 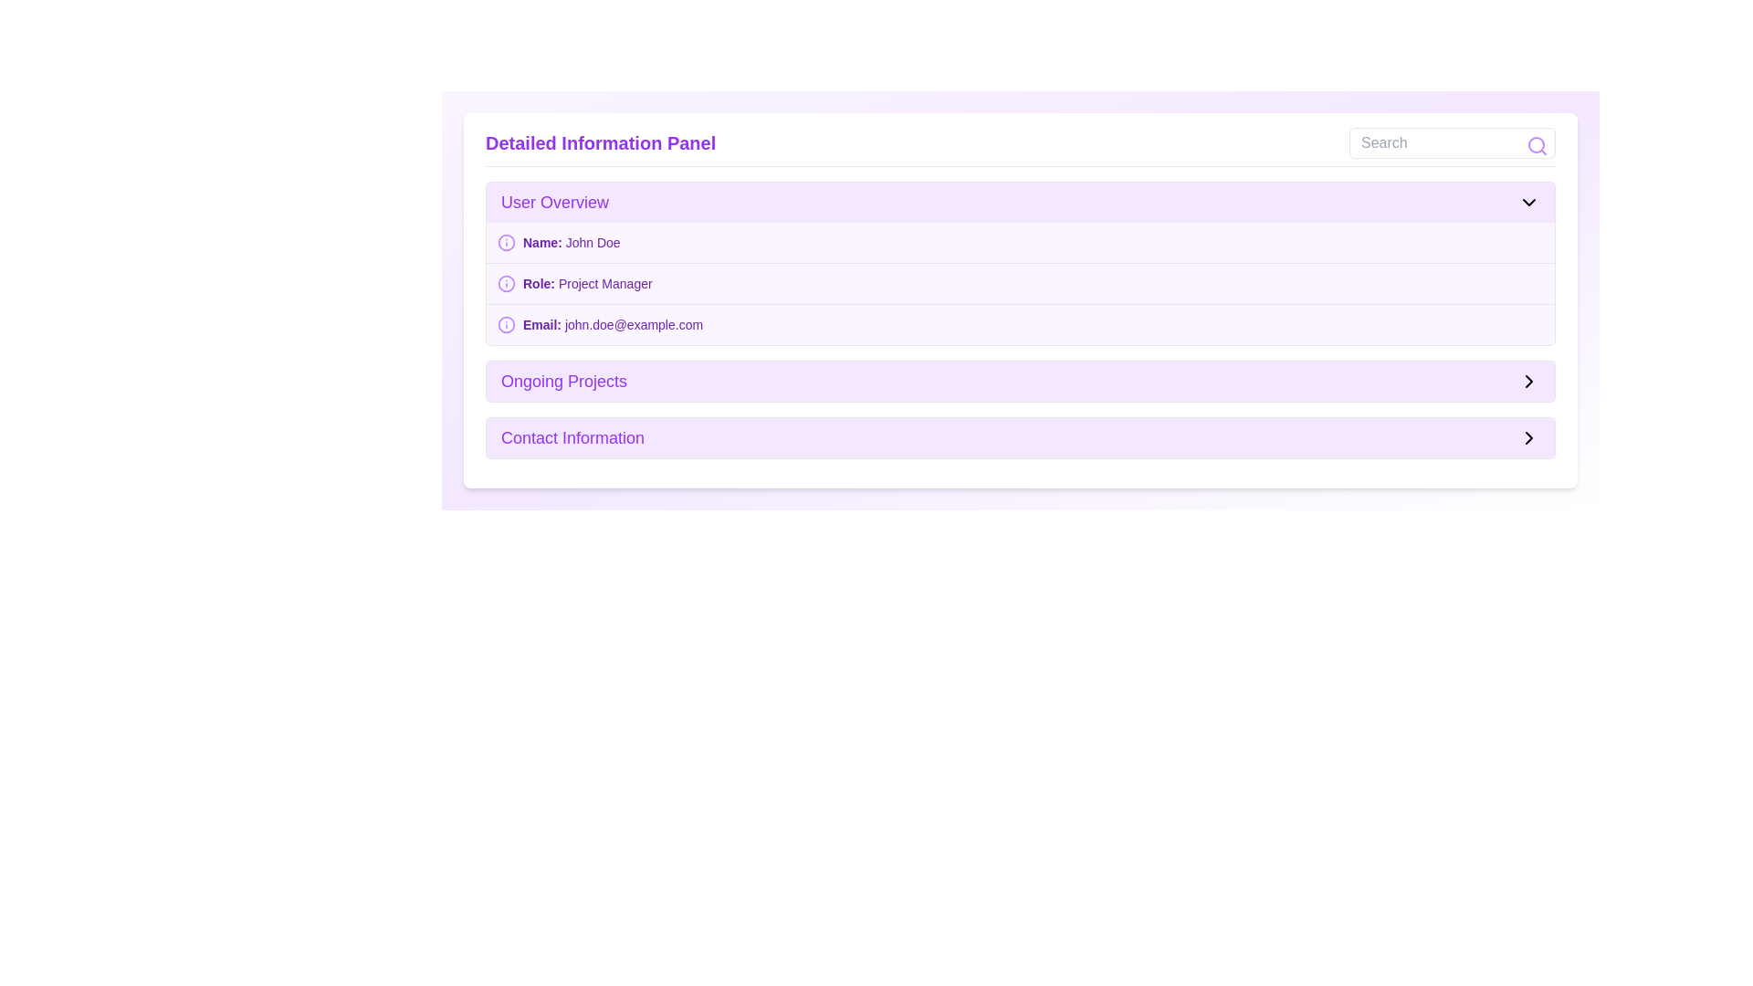 I want to click on the informational icon located to the left of the text 'Name: John Doe' in the 'User Overview' section of the 'Detailed Information Panel', so click(x=507, y=242).